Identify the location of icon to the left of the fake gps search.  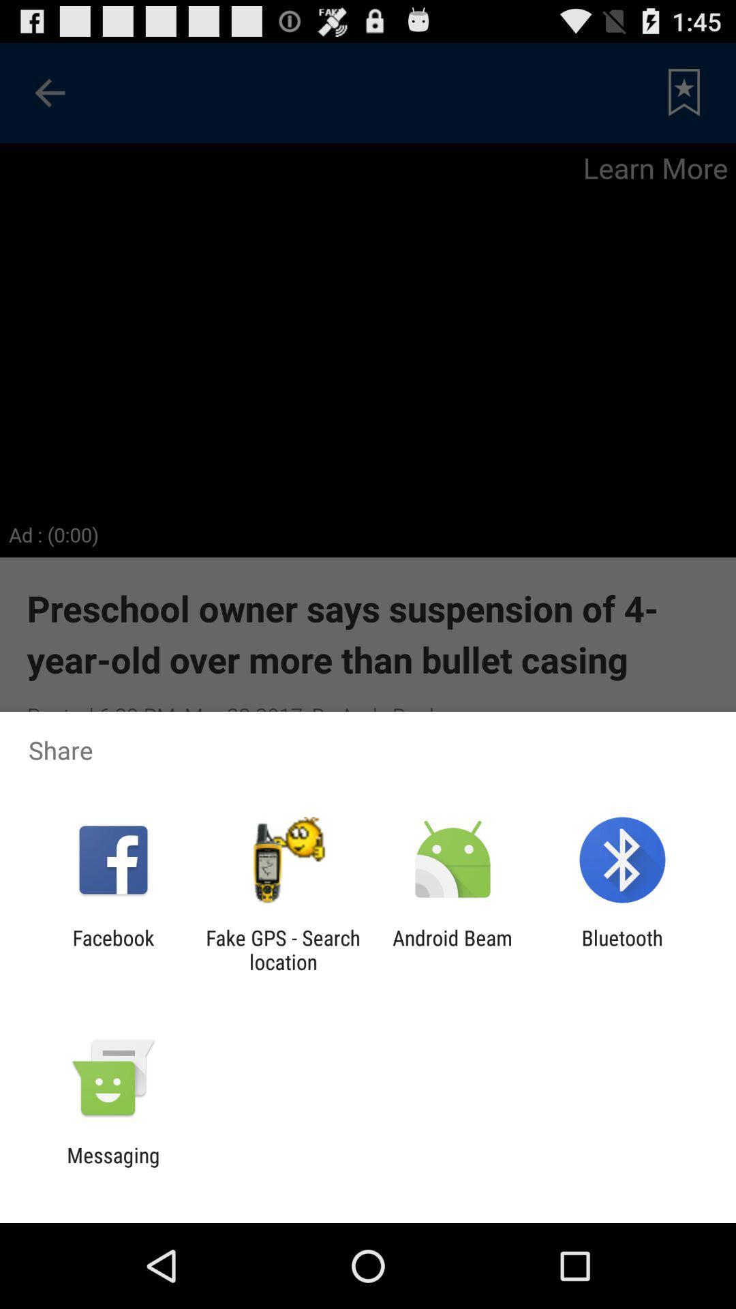
(112, 949).